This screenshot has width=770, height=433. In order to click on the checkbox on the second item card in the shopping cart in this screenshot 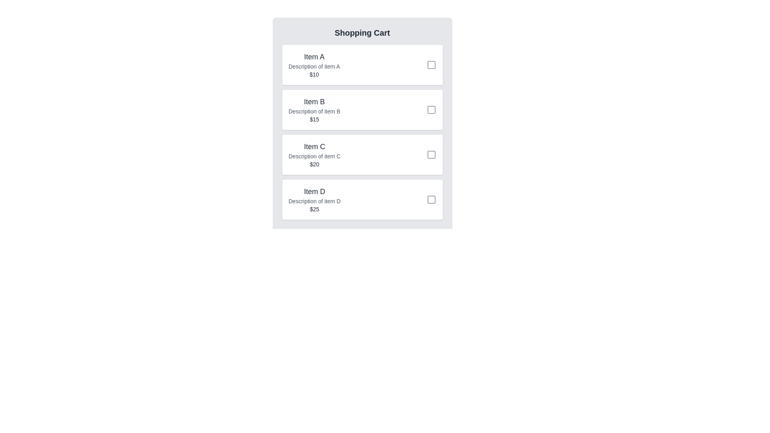, I will do `click(362, 109)`.